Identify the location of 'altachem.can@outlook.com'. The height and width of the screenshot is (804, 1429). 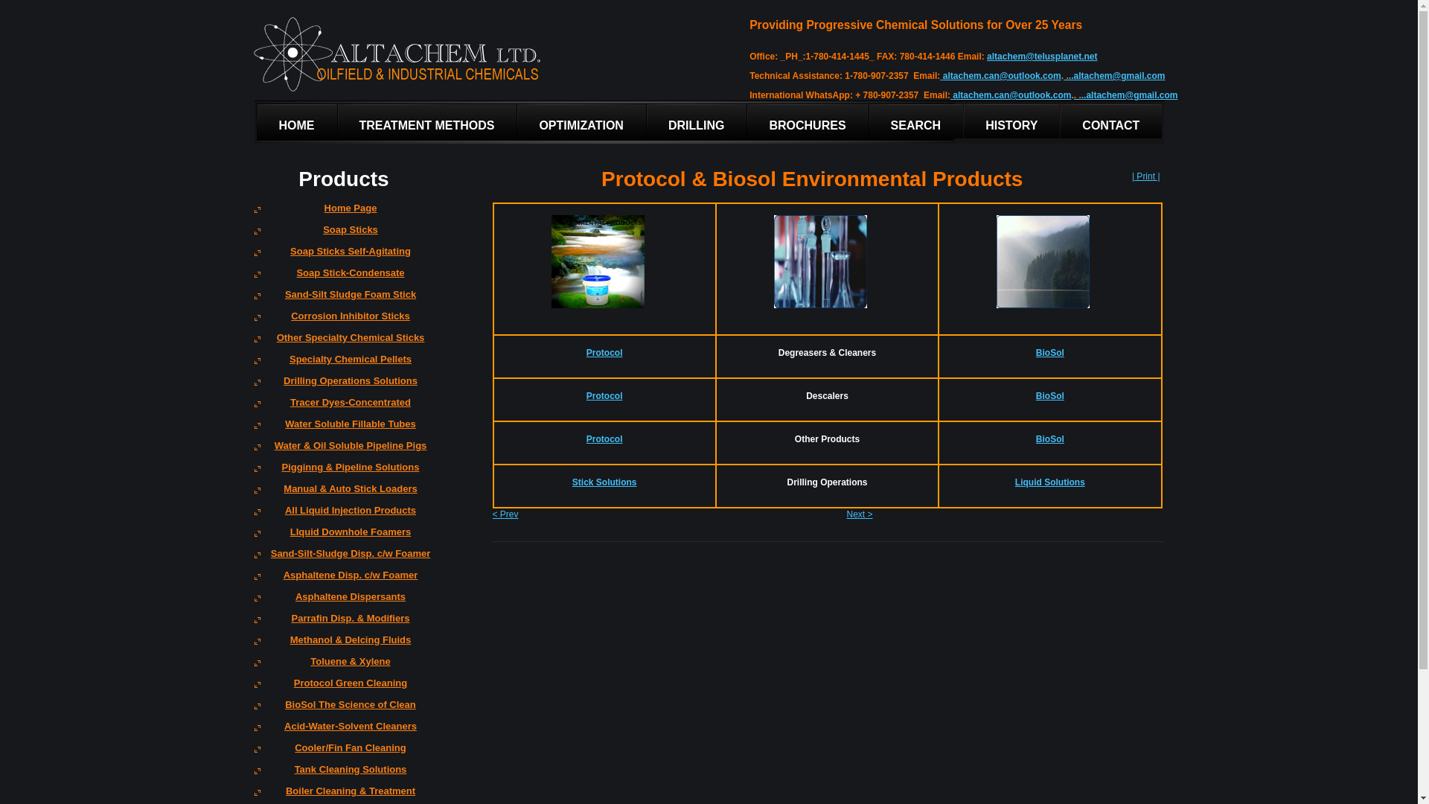
(1011, 95).